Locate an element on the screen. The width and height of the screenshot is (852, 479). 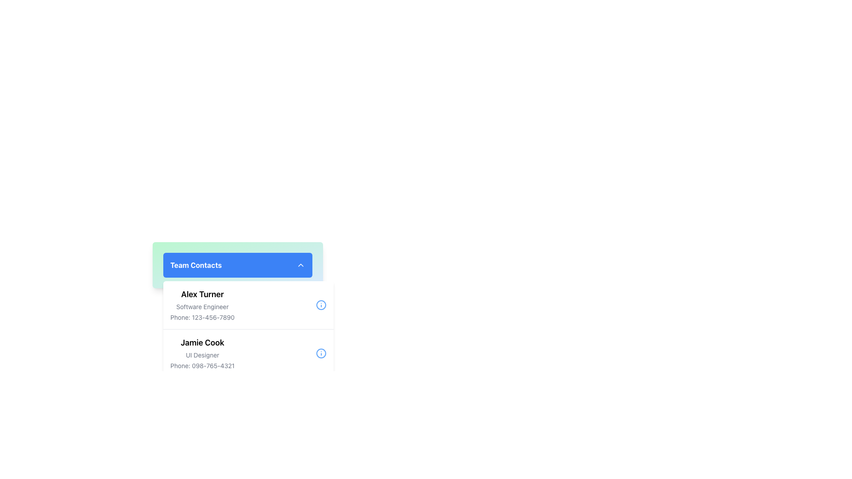
the upward chevron icon located at the far right of the 'Team Contacts' header section is located at coordinates (300, 264).